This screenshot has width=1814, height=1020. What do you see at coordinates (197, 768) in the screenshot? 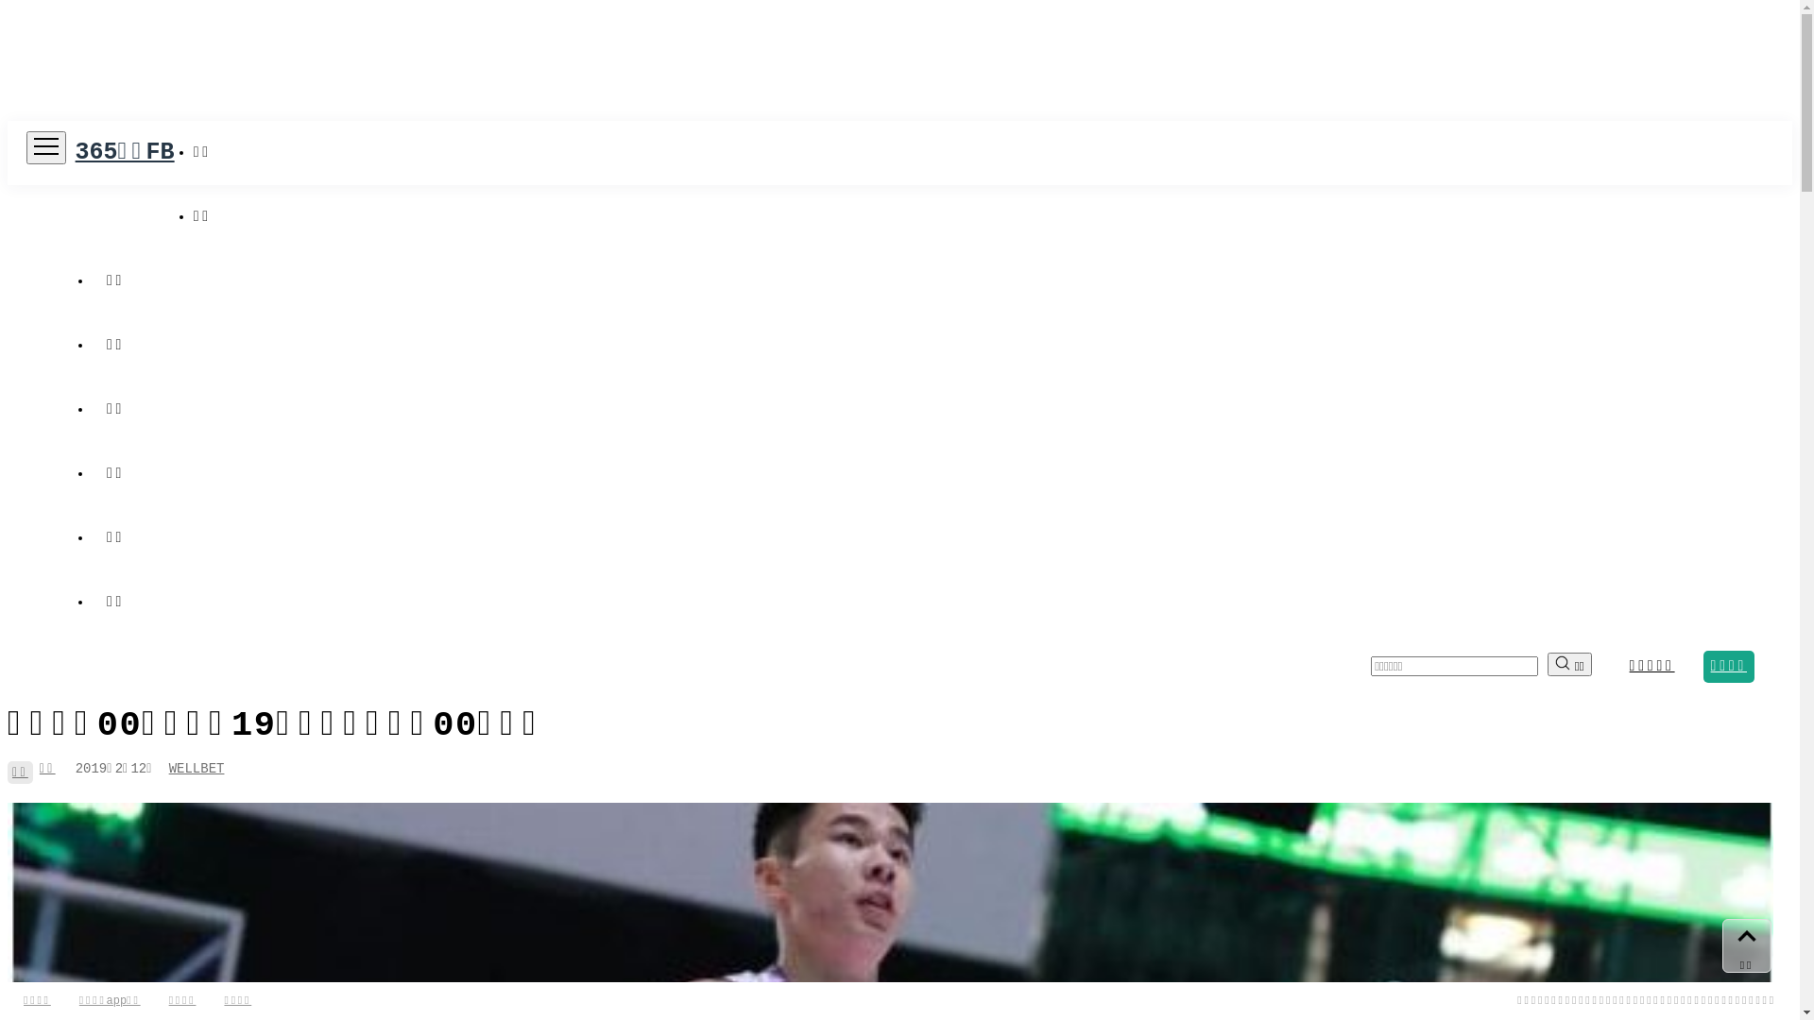
I see `'WELLBET'` at bounding box center [197, 768].